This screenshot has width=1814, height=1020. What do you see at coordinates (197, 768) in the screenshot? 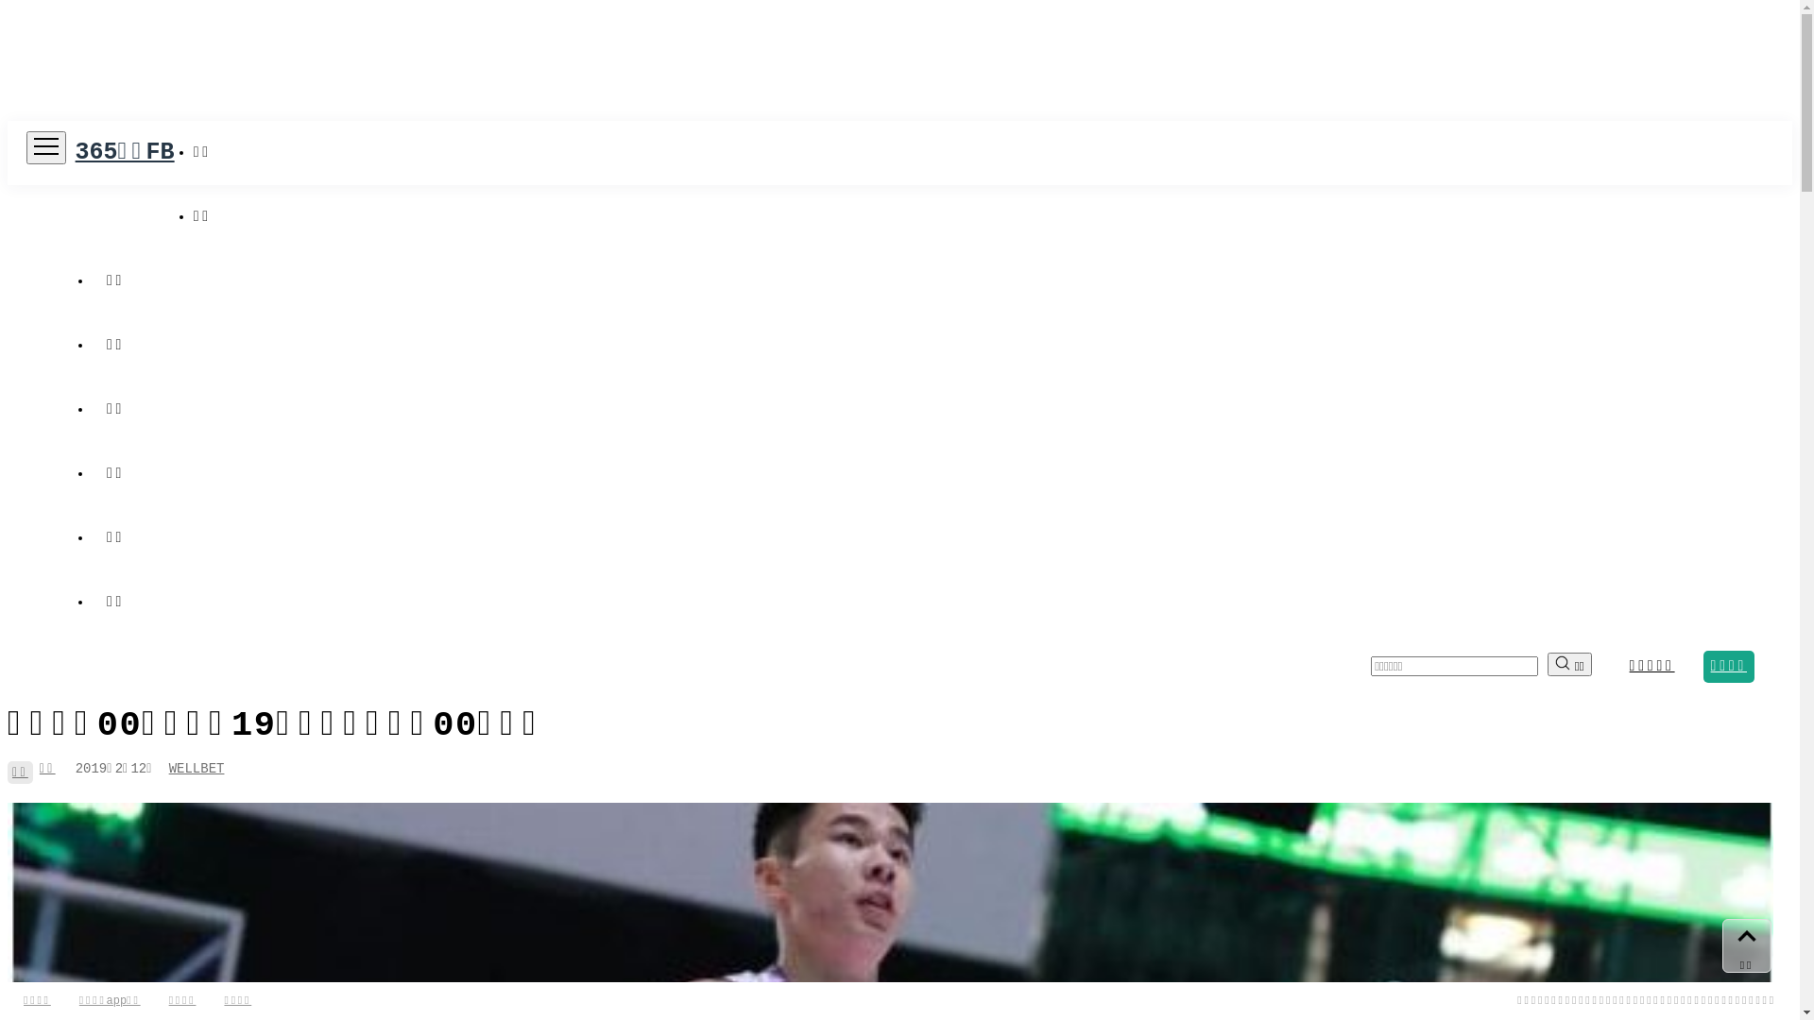
I see `'WELLBET'` at bounding box center [197, 768].